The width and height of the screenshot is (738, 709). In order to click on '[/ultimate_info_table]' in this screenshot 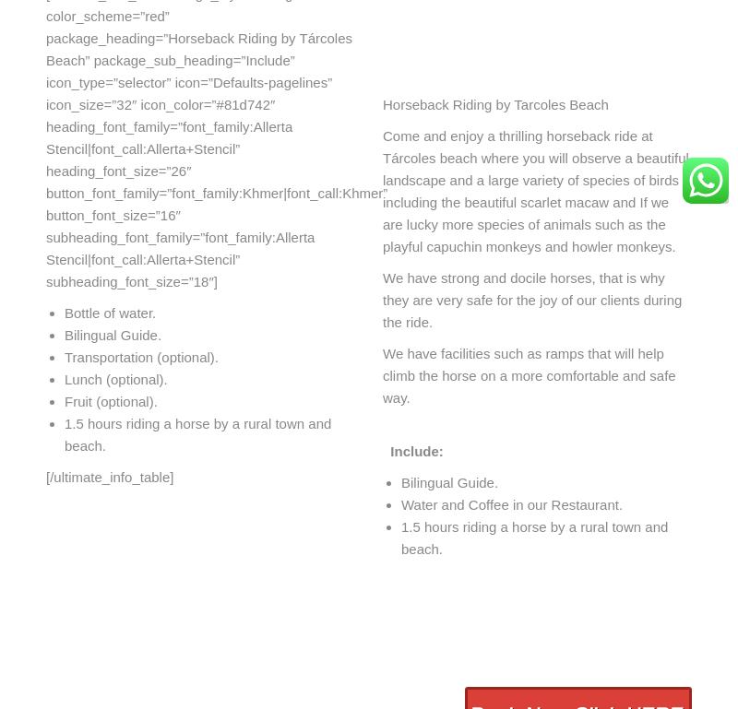, I will do `click(108, 476)`.